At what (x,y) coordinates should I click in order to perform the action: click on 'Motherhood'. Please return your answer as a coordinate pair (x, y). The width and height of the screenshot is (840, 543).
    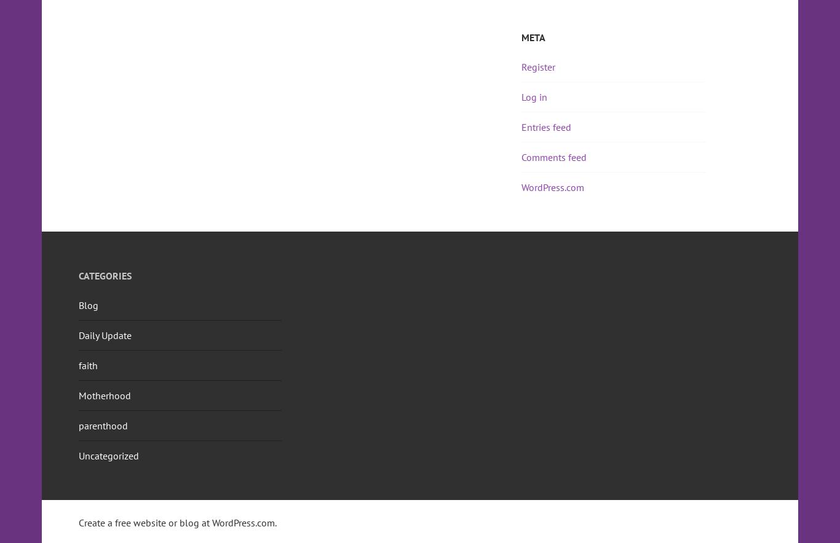
    Looking at the image, I should click on (104, 394).